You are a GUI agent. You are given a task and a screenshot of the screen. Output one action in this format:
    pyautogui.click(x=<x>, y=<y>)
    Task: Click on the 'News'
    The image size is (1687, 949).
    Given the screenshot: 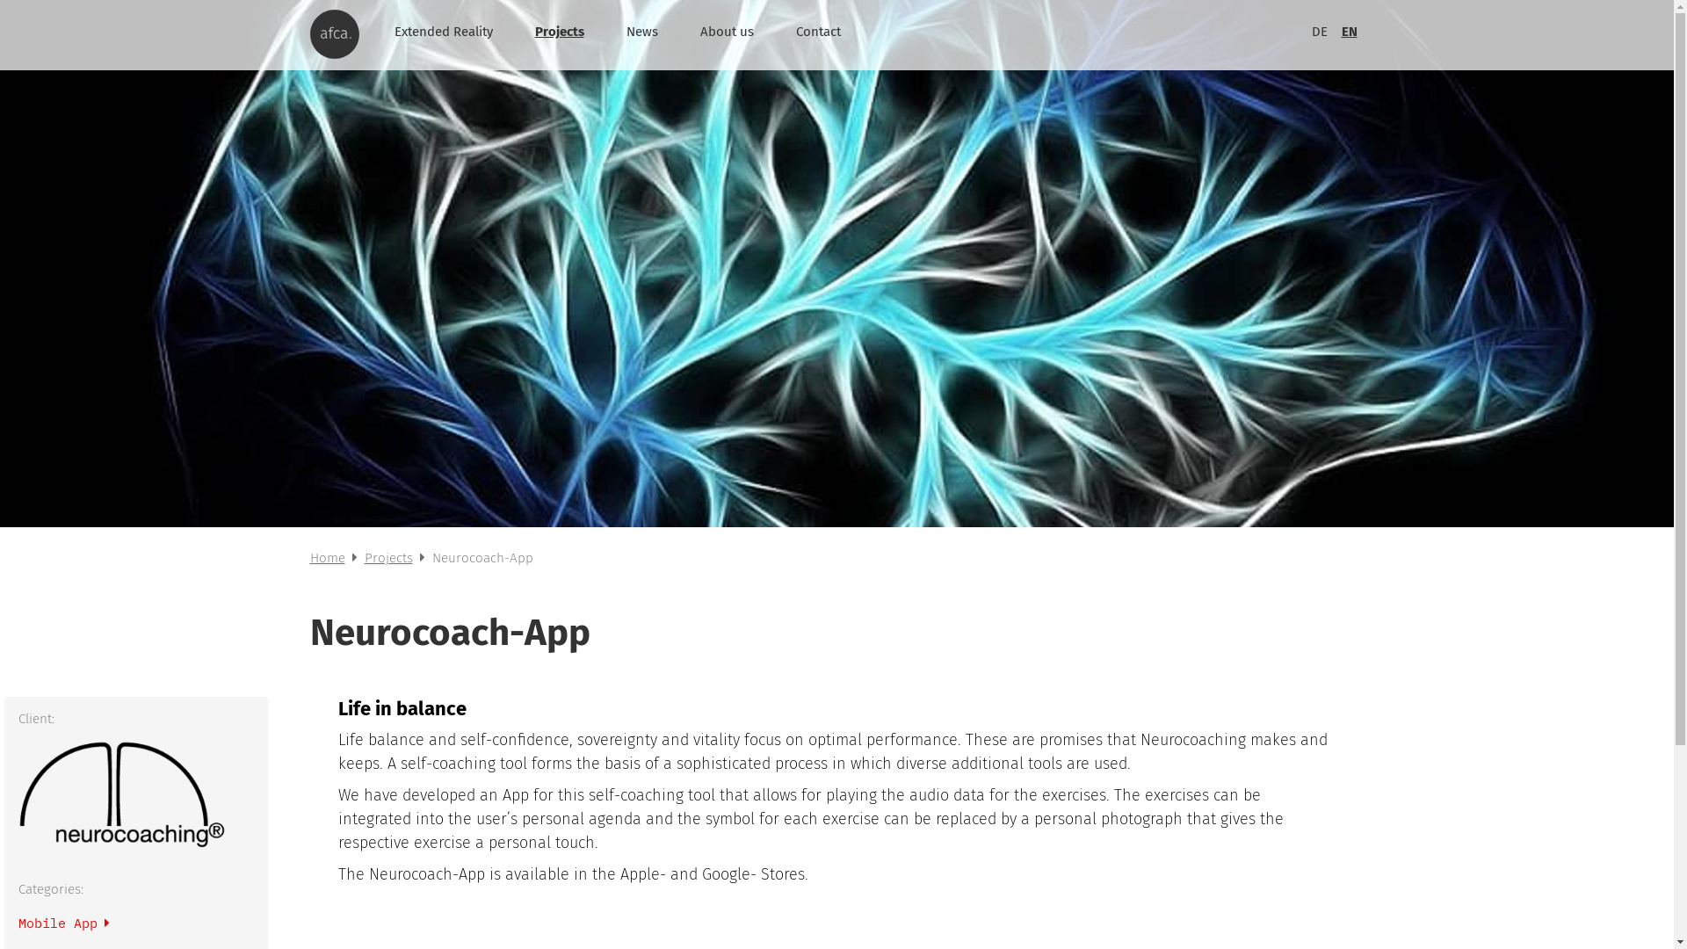 What is the action you would take?
    pyautogui.click(x=640, y=32)
    